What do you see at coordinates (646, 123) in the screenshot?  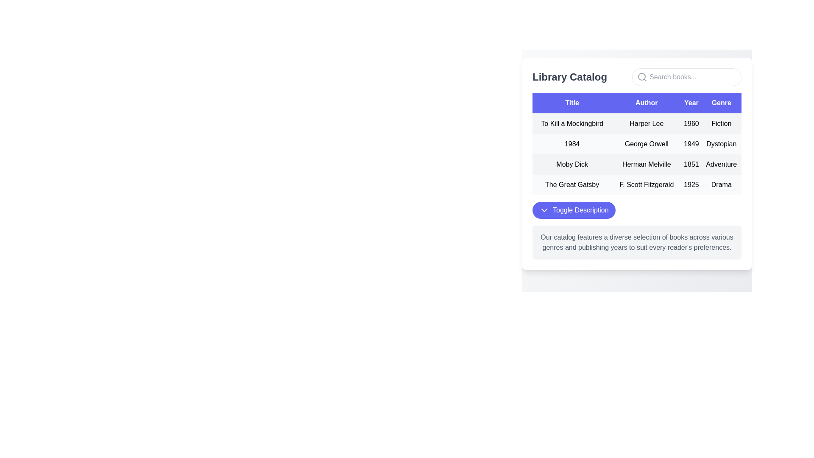 I see `the Text label displaying 'Harper Lee' in black font against a light gray background, located in the 'Author' column of the first row in a table` at bounding box center [646, 123].